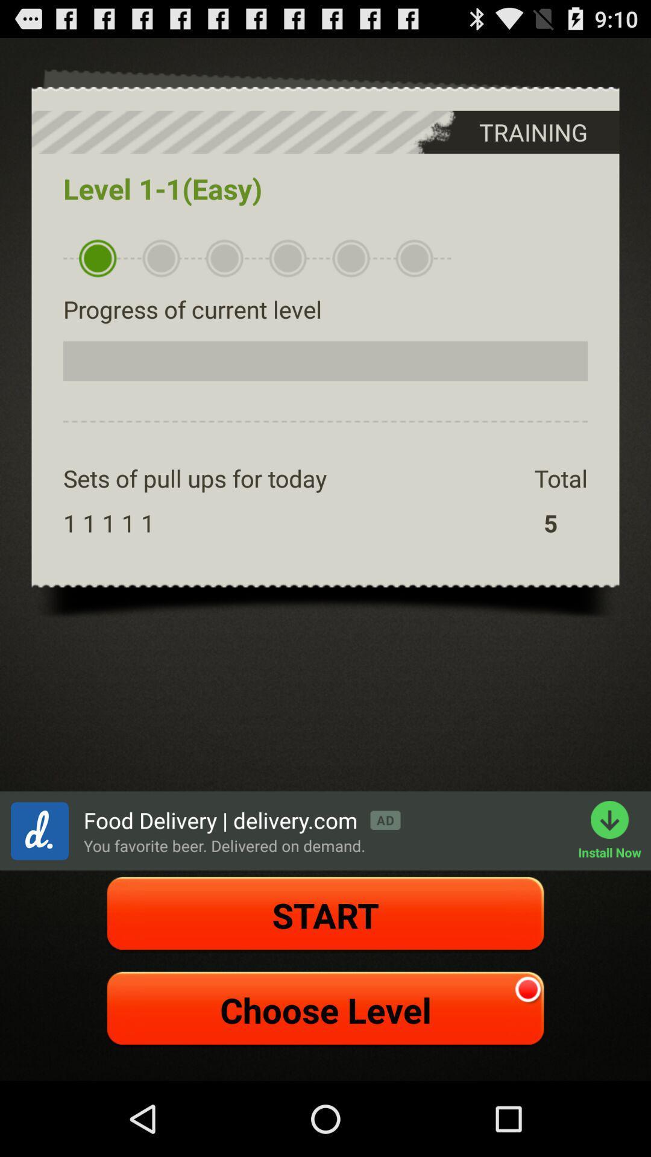 The height and width of the screenshot is (1157, 651). I want to click on the fourth button from left under level 11easy, so click(288, 258).